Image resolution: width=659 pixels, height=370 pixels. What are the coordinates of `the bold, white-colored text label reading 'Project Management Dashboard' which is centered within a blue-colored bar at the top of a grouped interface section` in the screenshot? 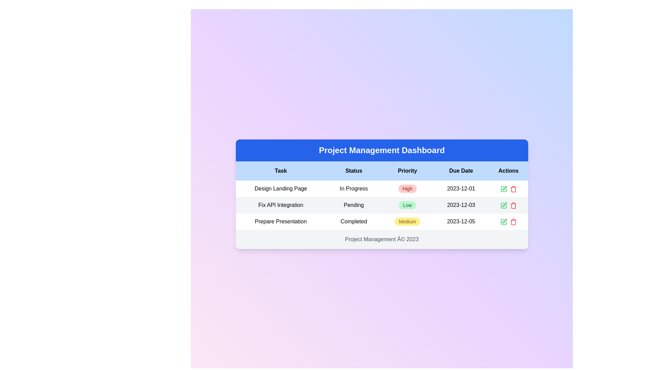 It's located at (381, 150).